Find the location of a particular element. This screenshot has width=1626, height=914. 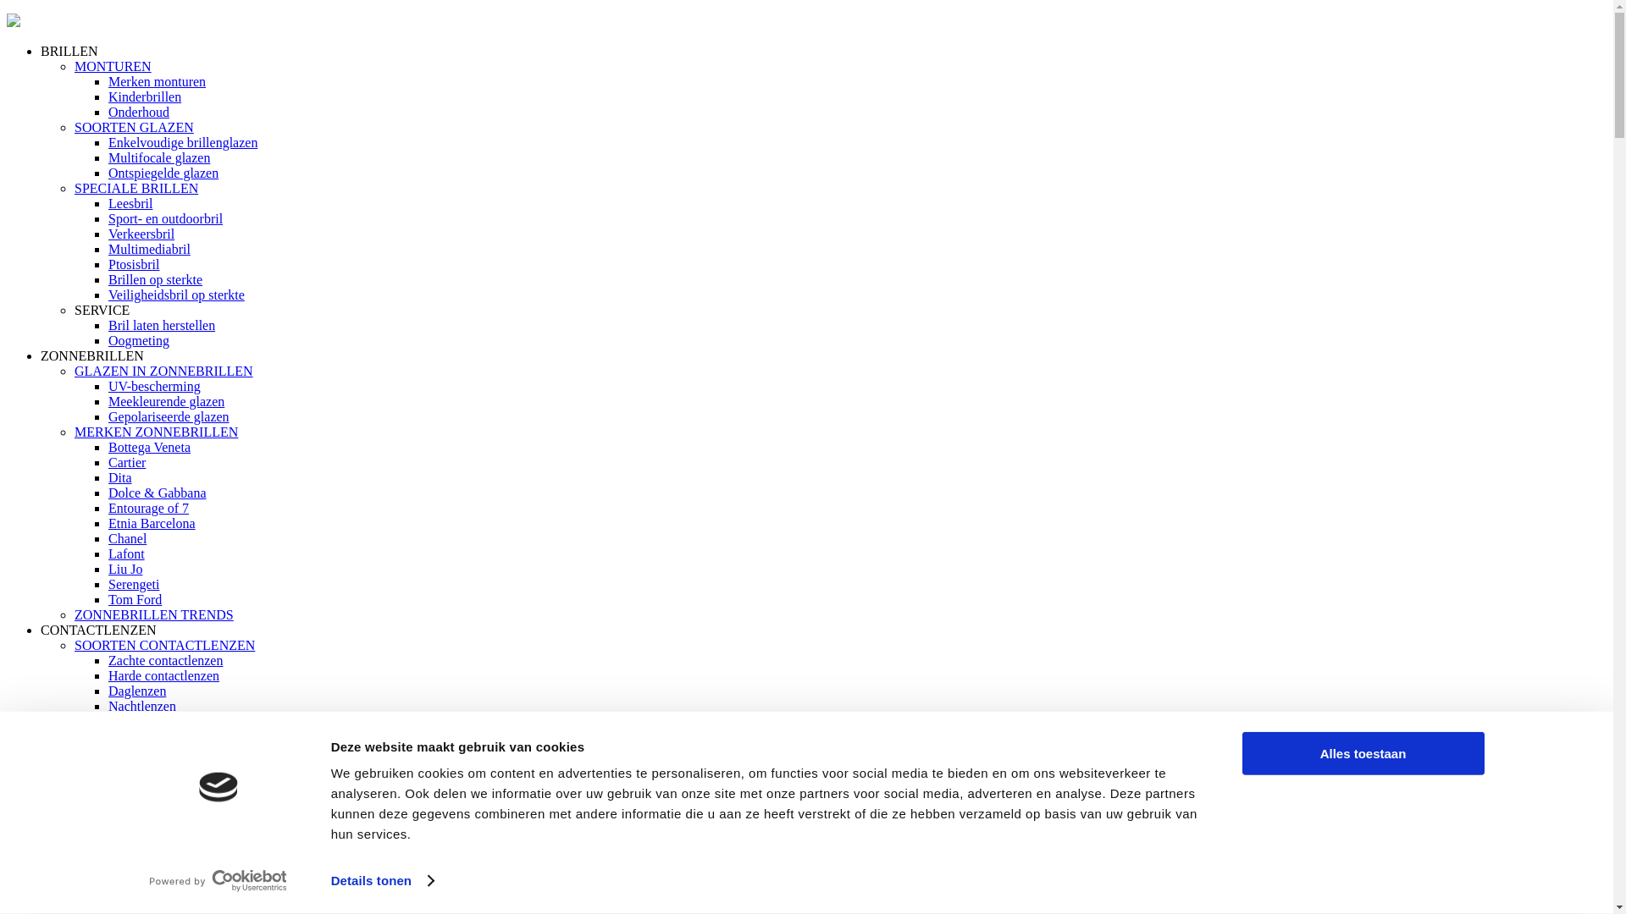

'Hoe in en uitdoen' is located at coordinates (157, 827).